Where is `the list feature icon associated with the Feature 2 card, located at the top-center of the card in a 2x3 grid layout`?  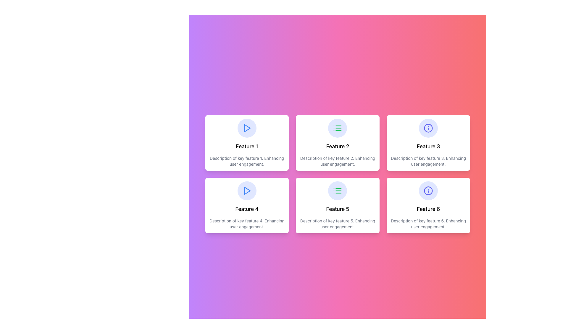 the list feature icon associated with the Feature 2 card, located at the top-center of the card in a 2x3 grid layout is located at coordinates (338, 128).